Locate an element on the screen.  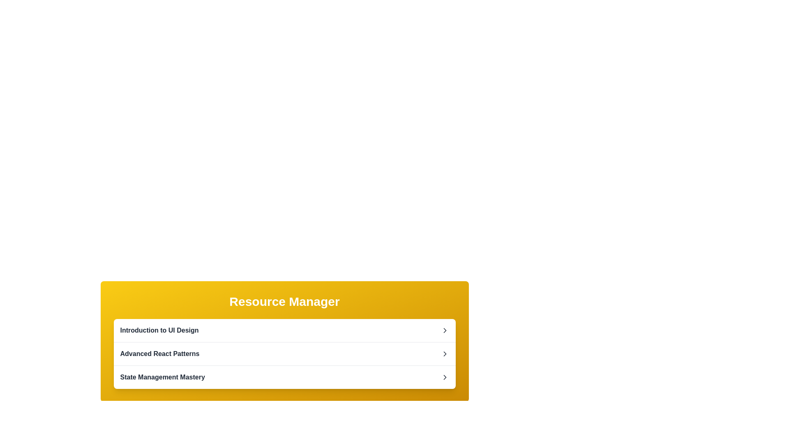
the rightward-pointing chevron icon that indicates navigation for the 'Advanced React Patterns' list item is located at coordinates (444, 353).